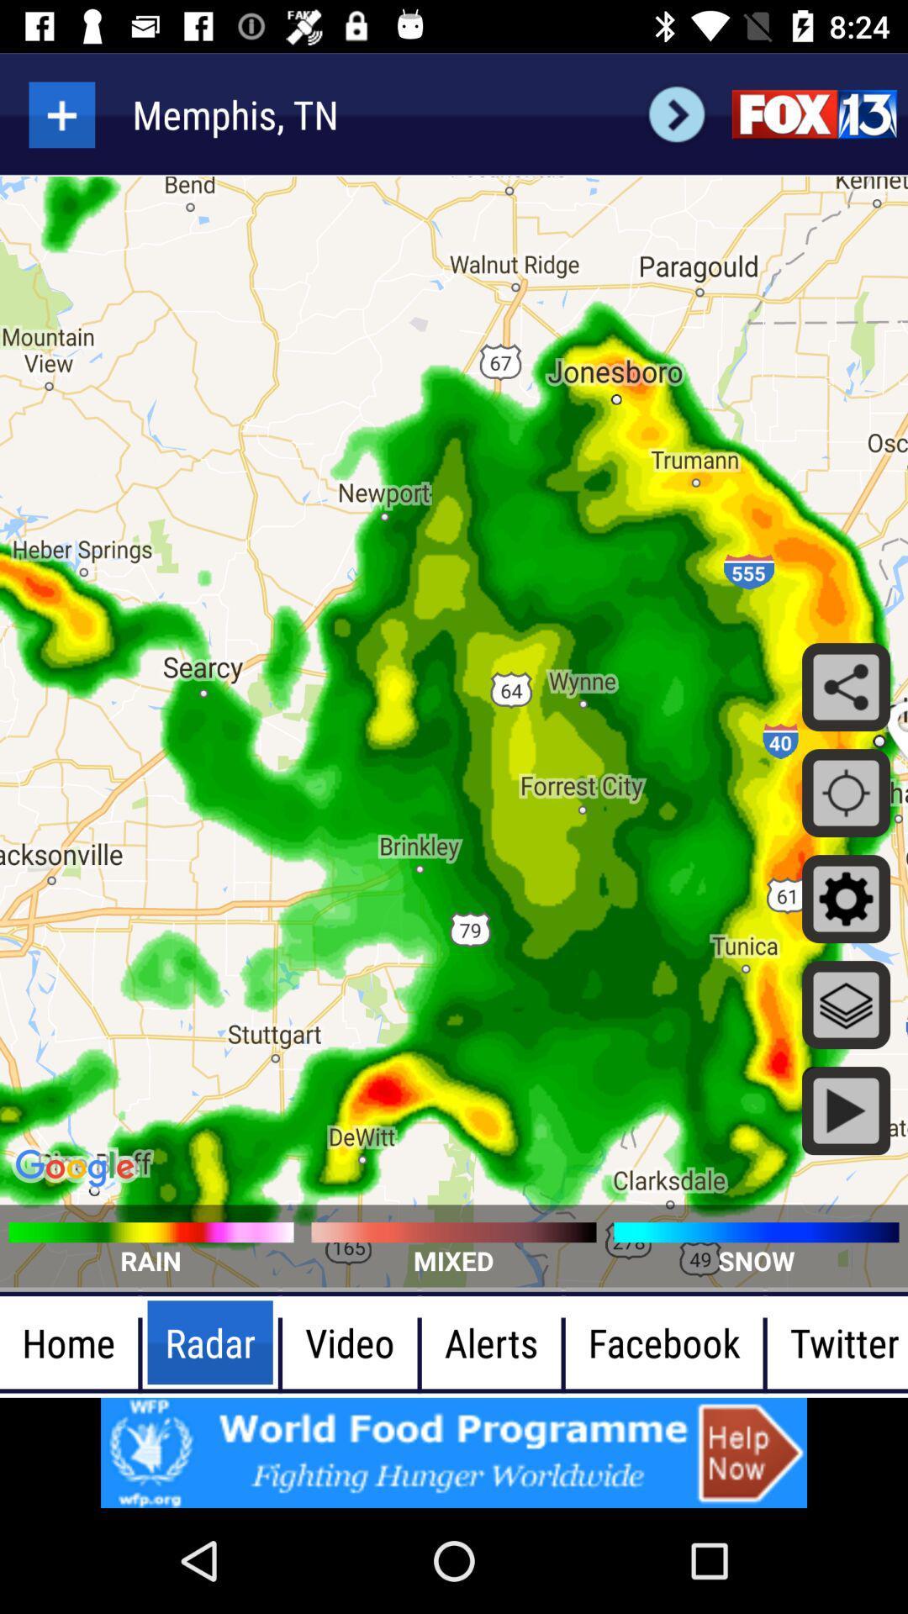 Image resolution: width=908 pixels, height=1614 pixels. I want to click on fox 13 channel, so click(813, 113).